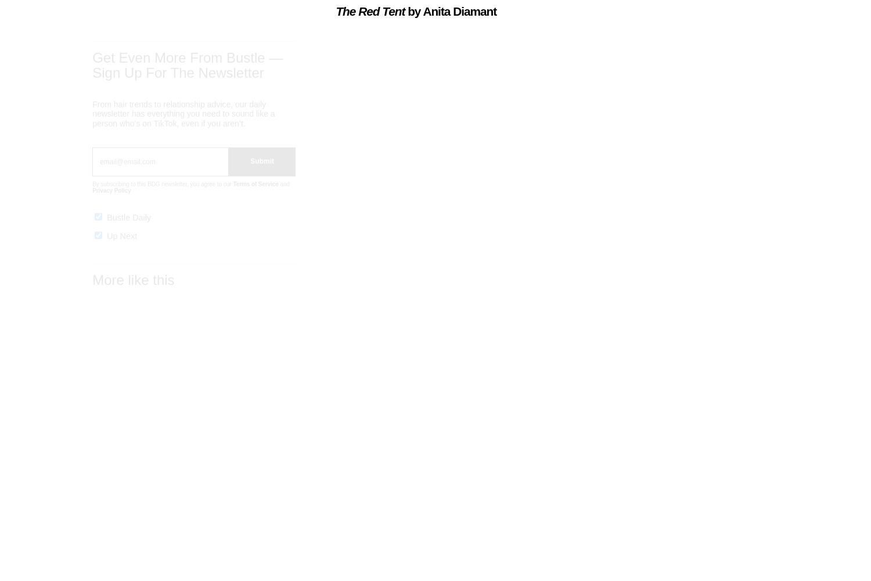  What do you see at coordinates (107, 226) in the screenshot?
I see `'Bustle Daily'` at bounding box center [107, 226].